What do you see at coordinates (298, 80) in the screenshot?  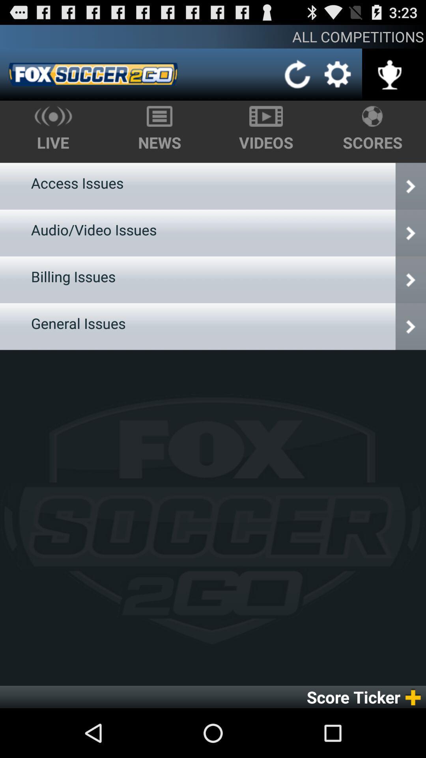 I see `the refresh icon` at bounding box center [298, 80].